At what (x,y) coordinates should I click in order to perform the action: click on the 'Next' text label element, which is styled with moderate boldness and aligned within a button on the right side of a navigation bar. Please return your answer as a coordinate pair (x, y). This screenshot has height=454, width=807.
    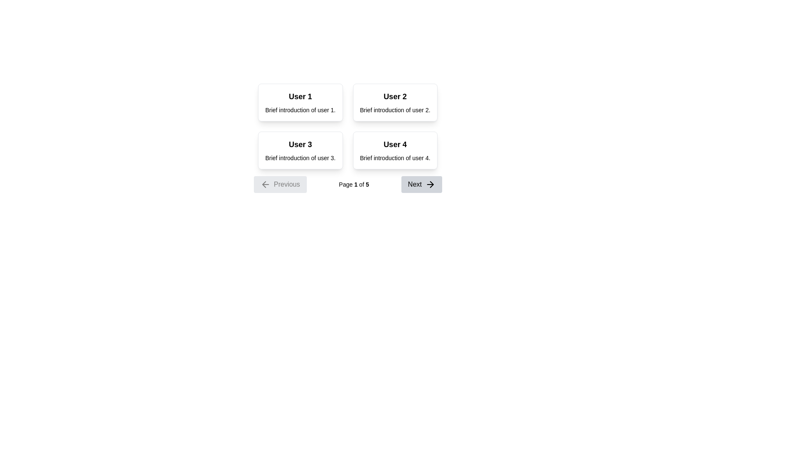
    Looking at the image, I should click on (415, 184).